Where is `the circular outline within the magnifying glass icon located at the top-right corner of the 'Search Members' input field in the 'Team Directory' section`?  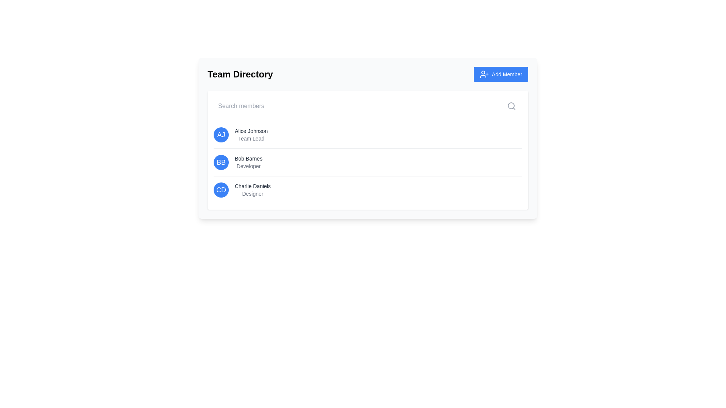
the circular outline within the magnifying glass icon located at the top-right corner of the 'Search Members' input field in the 'Team Directory' section is located at coordinates (511, 106).